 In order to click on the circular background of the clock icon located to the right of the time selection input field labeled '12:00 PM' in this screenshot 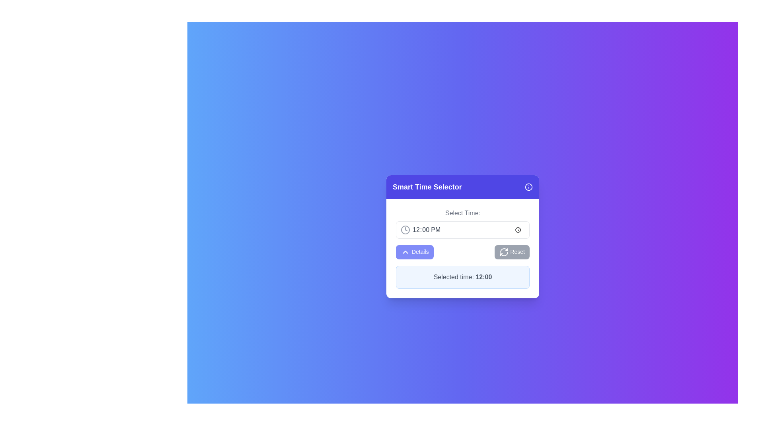, I will do `click(405, 230)`.